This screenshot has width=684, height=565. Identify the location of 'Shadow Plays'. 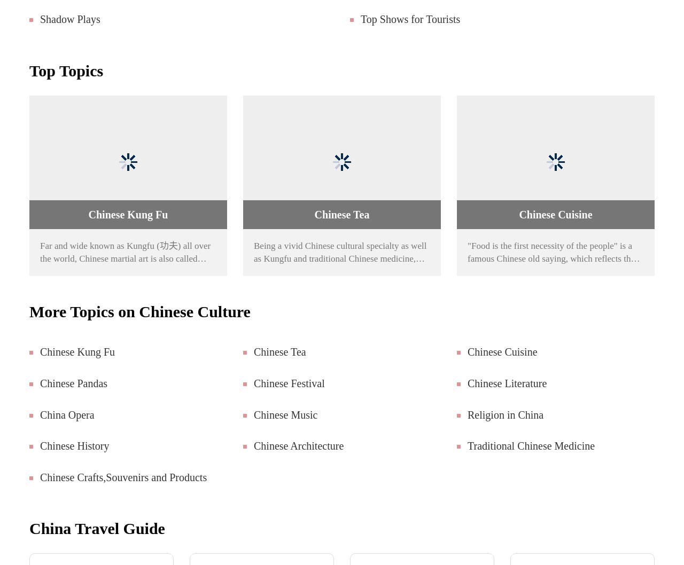
(69, 19).